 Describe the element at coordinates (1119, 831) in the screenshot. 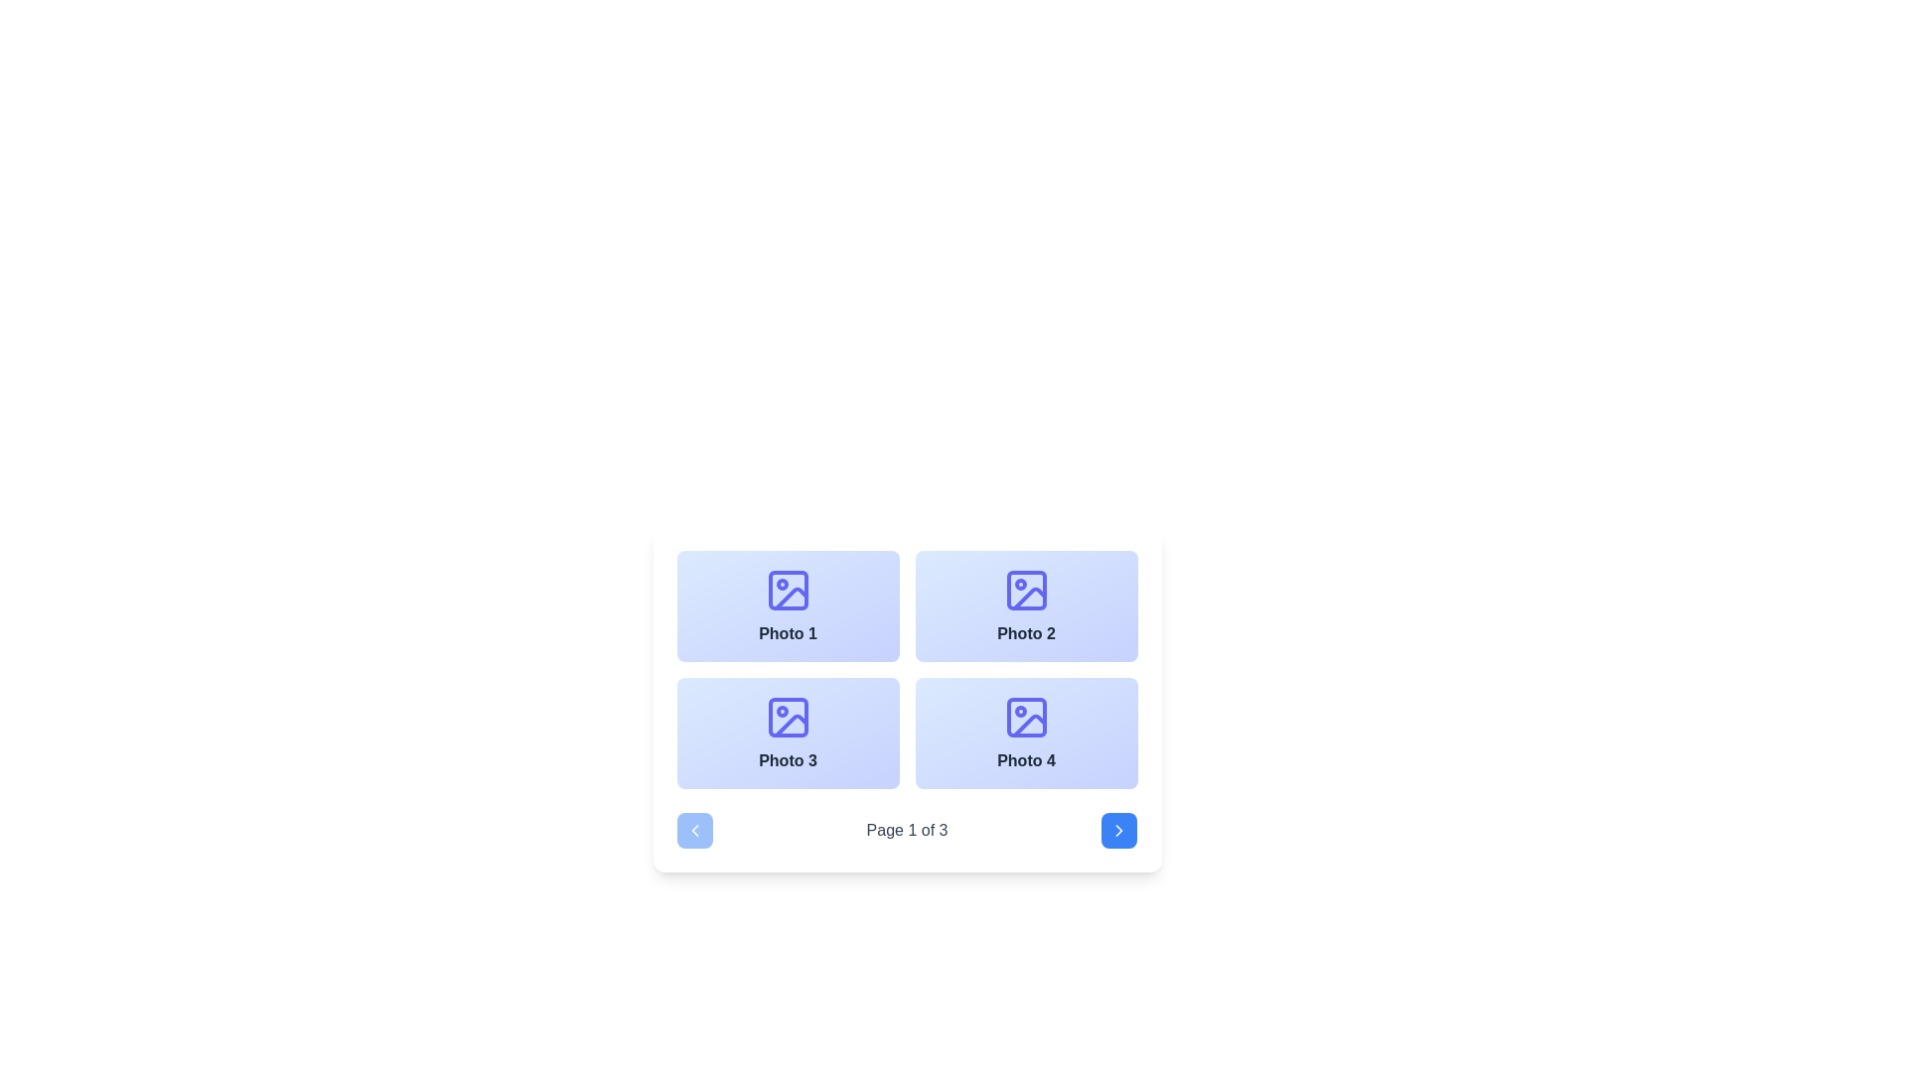

I see `the chevron icon located in the bottom-right corner of the interface` at that location.